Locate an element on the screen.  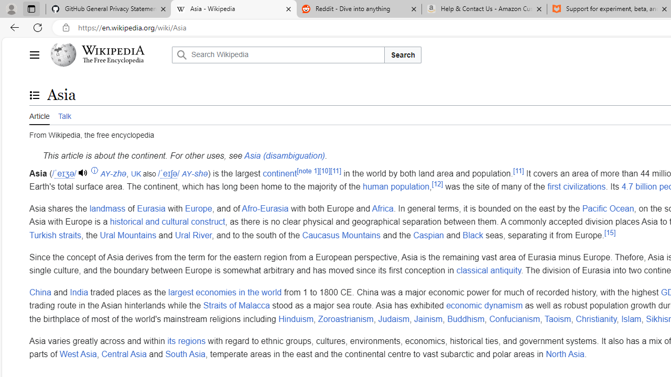
'historical and cultural construct' is located at coordinates (167, 221).